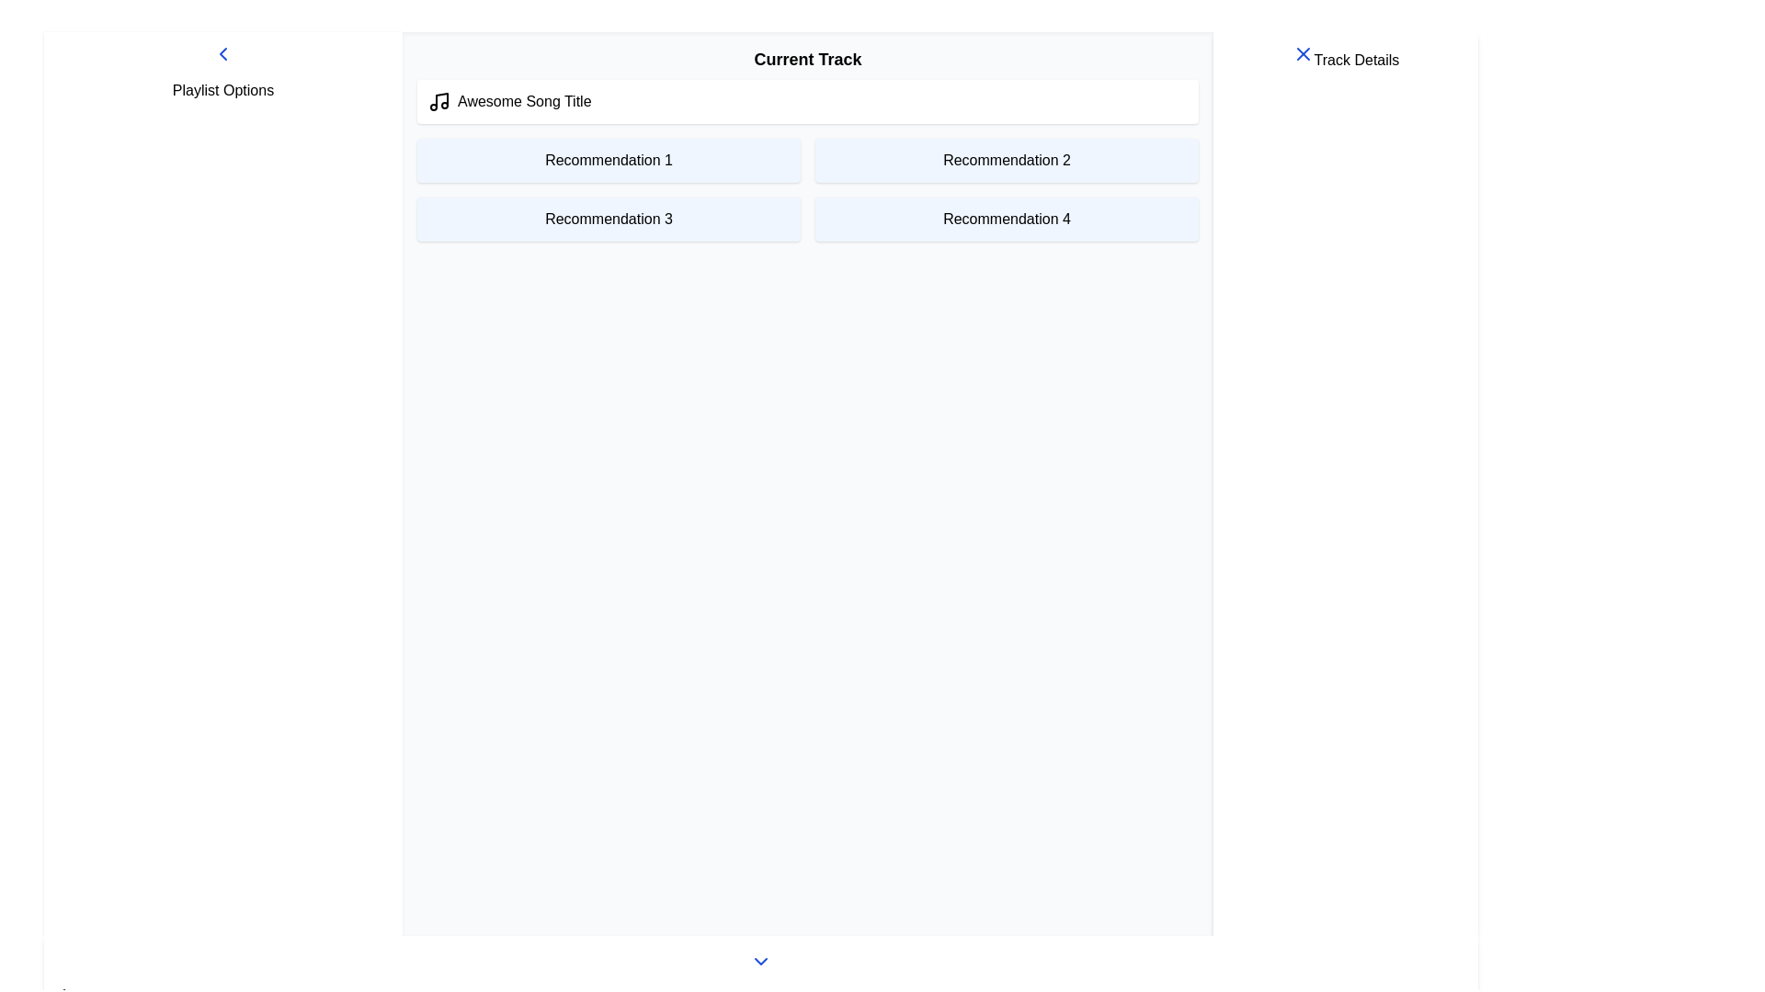  Describe the element at coordinates (1006, 159) in the screenshot. I see `the static text recommendation card located in the top row, second column of the recommendations section, which is positioned to the right of 'Recommendation 1' and above 'Recommendation 4'` at that location.